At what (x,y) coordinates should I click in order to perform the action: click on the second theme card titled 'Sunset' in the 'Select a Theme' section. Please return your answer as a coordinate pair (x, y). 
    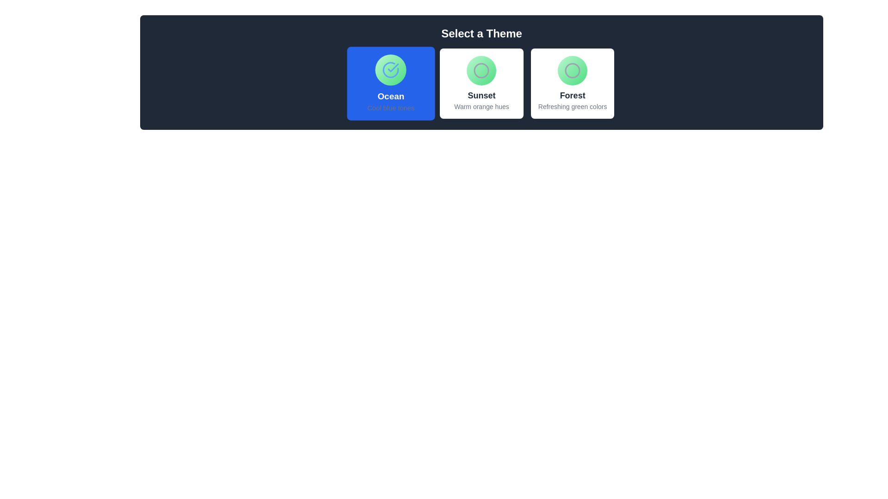
    Looking at the image, I should click on (481, 84).